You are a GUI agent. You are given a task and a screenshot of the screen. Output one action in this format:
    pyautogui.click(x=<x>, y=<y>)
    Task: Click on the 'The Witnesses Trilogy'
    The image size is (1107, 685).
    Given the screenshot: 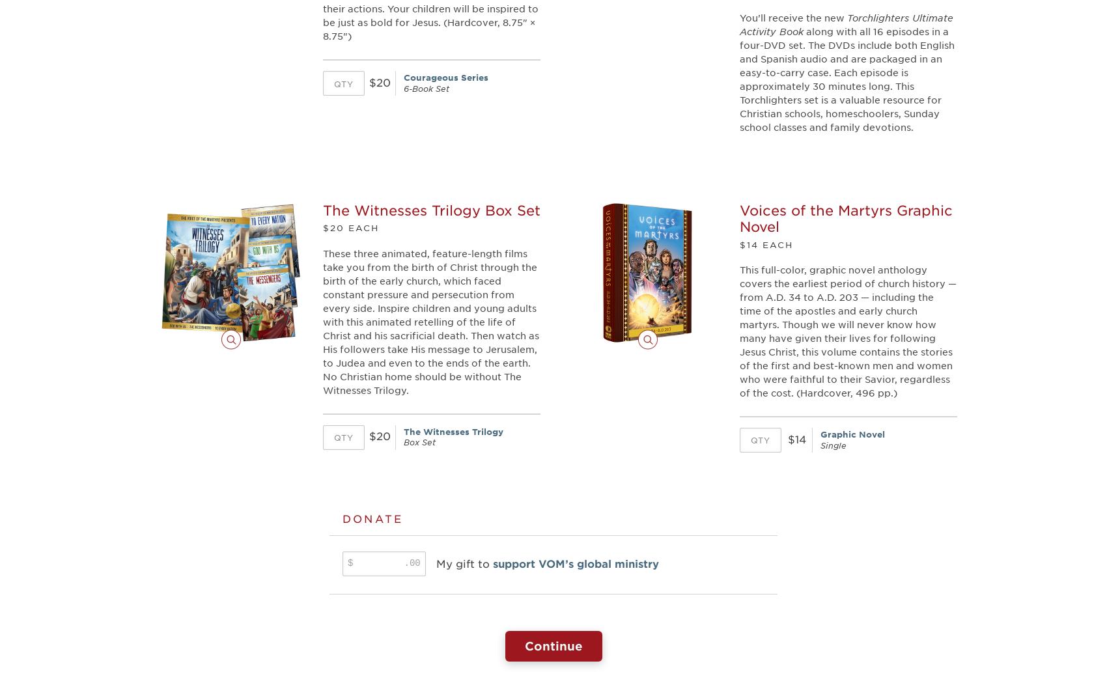 What is the action you would take?
    pyautogui.click(x=453, y=430)
    